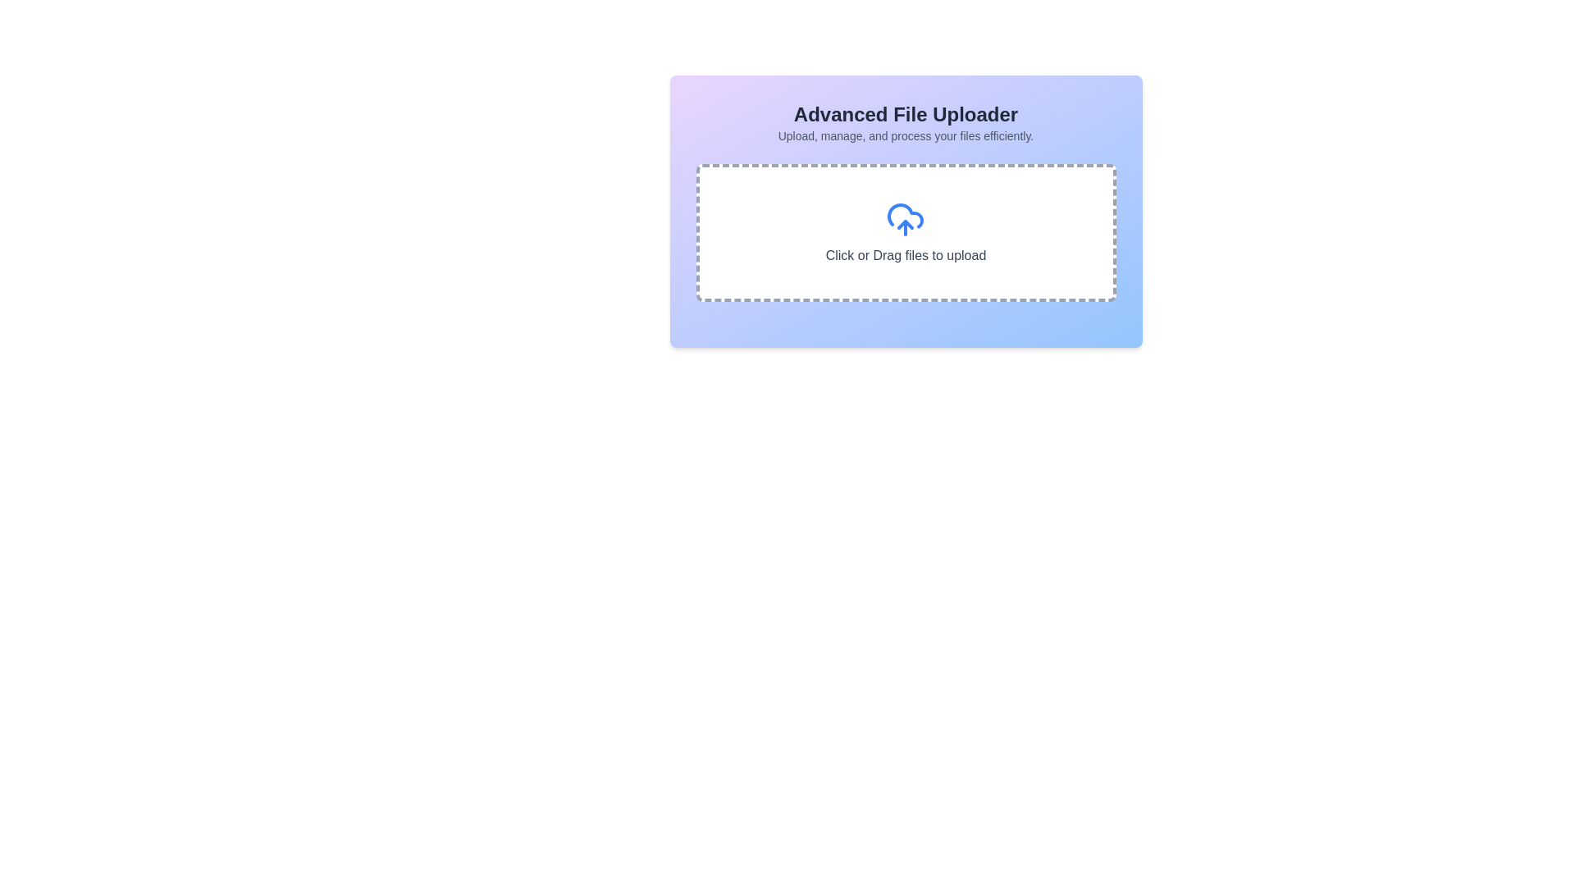  What do you see at coordinates (905, 135) in the screenshot?
I see `the Text label that provides additional descriptive information about the file uploader feature, positioned below the 'Advanced File Uploader' title` at bounding box center [905, 135].